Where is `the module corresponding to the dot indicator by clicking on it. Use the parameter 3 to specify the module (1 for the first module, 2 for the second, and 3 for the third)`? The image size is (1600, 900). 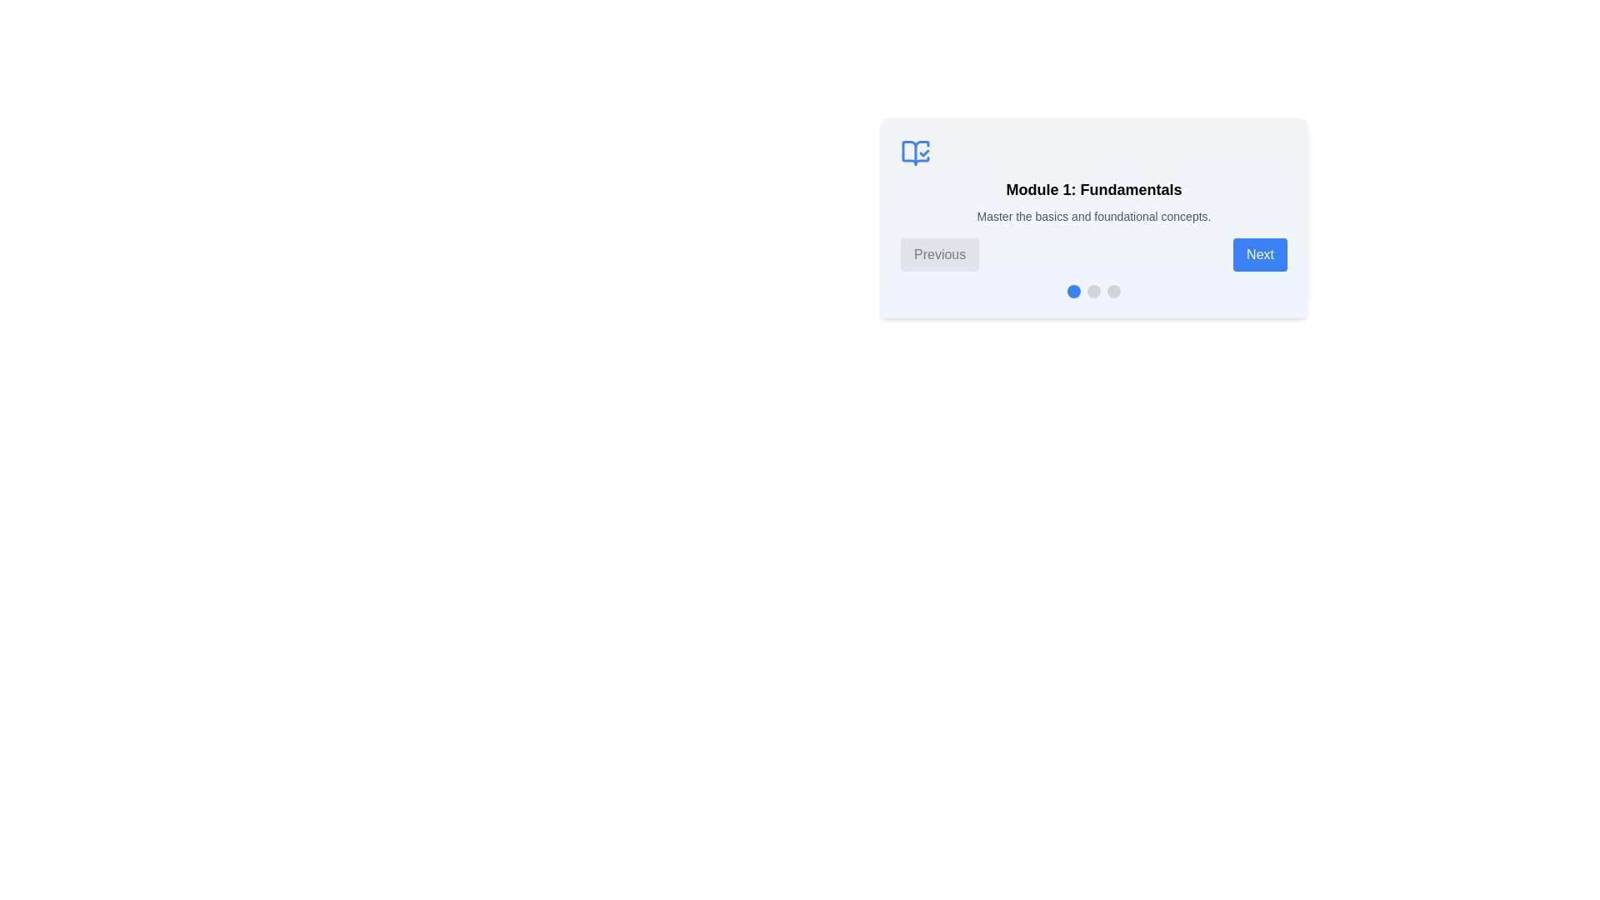 the module corresponding to the dot indicator by clicking on it. Use the parameter 3 to specify the module (1 for the first module, 2 for the second, and 3 for the third) is located at coordinates (1114, 291).